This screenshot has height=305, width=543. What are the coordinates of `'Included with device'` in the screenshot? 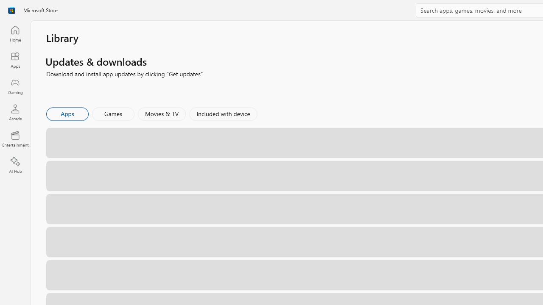 It's located at (223, 113).